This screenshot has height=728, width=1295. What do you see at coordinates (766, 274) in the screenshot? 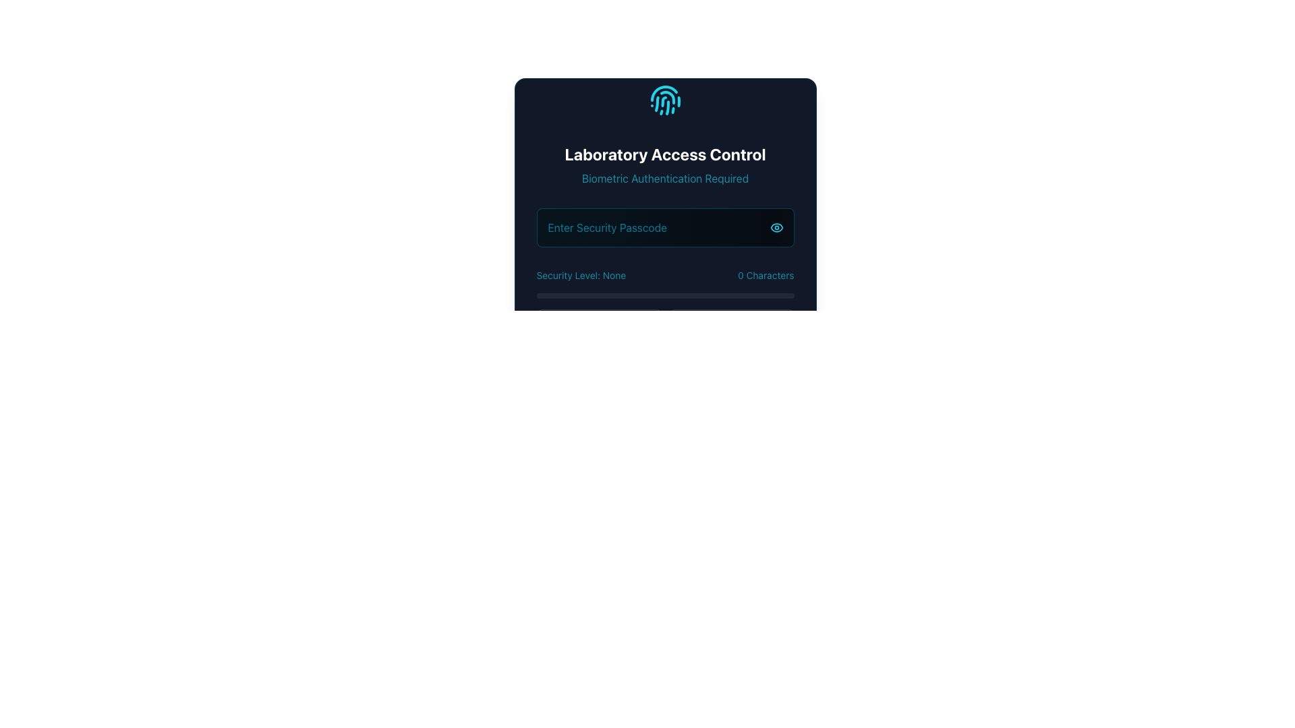
I see `the static text label displaying '0 Characters', which is styled in light blue and located to the right of 'Security Level: None'` at bounding box center [766, 274].